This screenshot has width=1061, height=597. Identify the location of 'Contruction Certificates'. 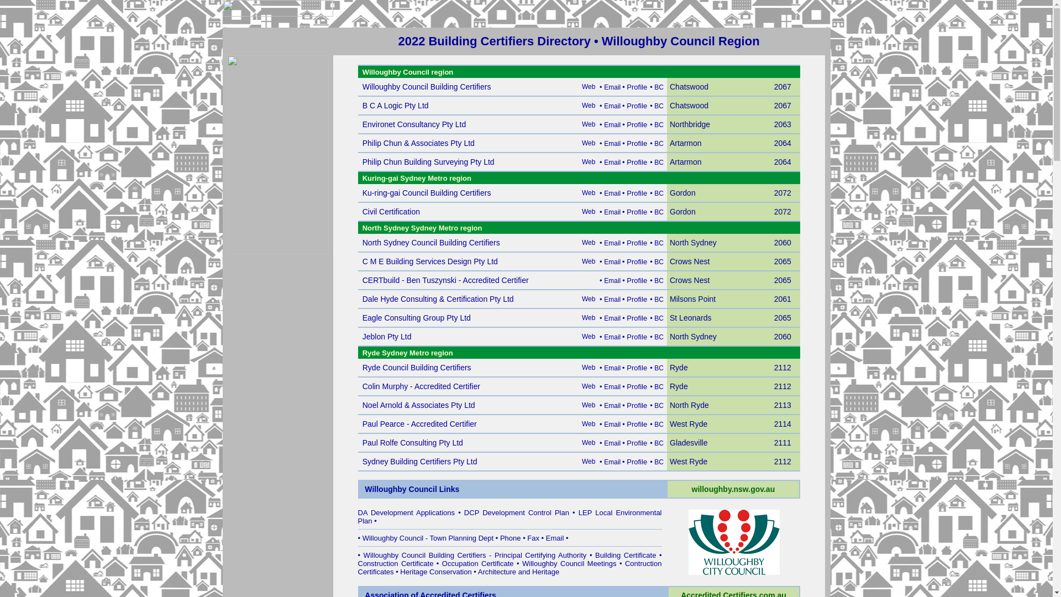
(509, 567).